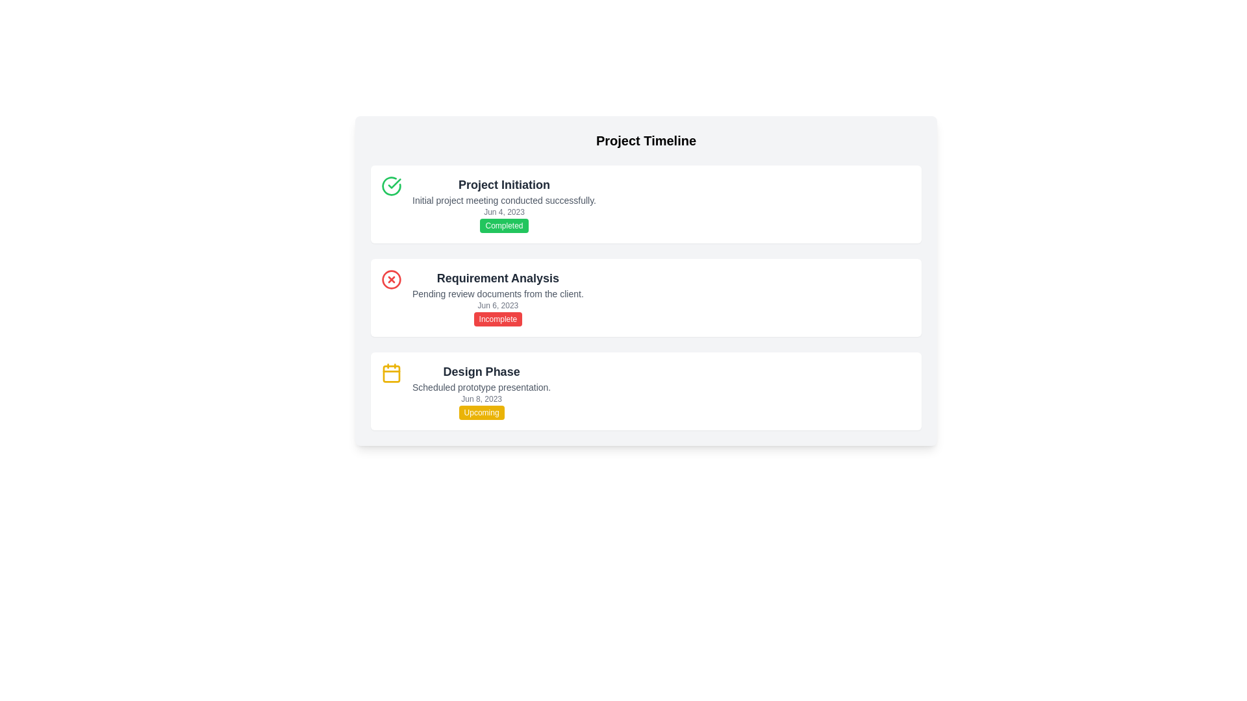  What do you see at coordinates (497, 293) in the screenshot?
I see `the text label that displays 'Pending review documents from the client.', which is styled in gray and located below 'Requirement Analysis' and above the date 'Jun 6, 2023'` at bounding box center [497, 293].